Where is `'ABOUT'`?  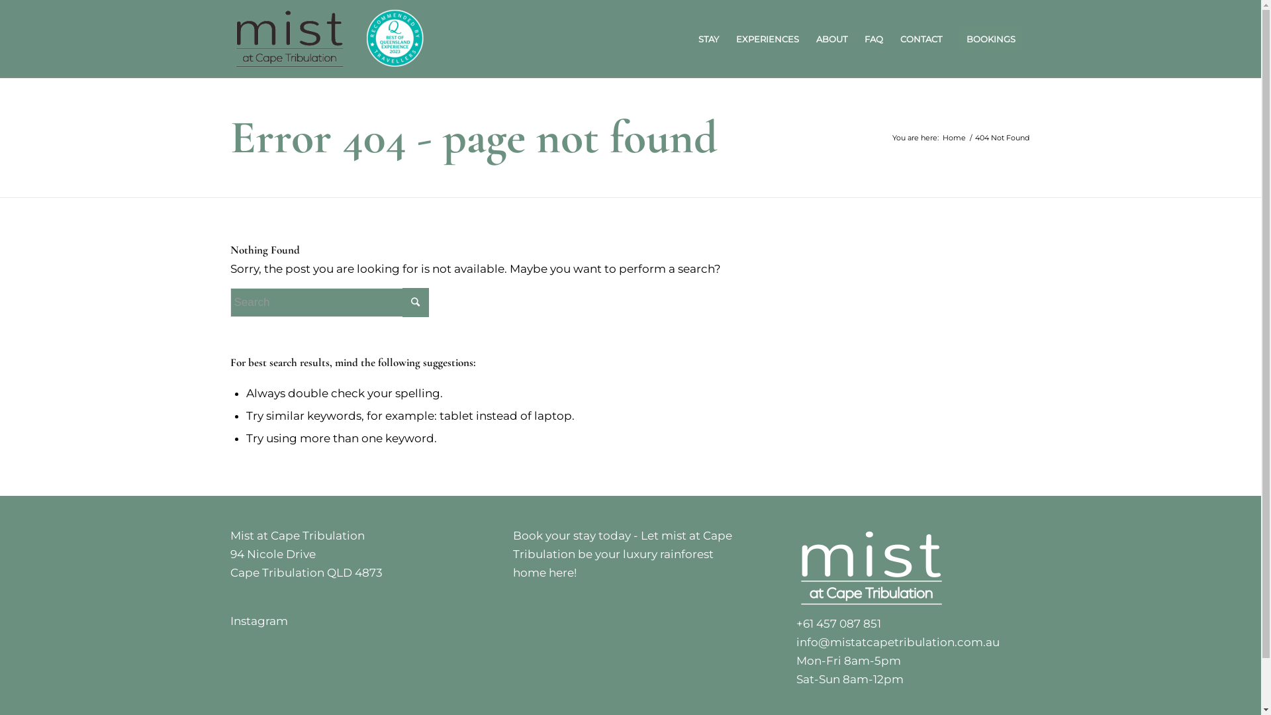 'ABOUT' is located at coordinates (831, 38).